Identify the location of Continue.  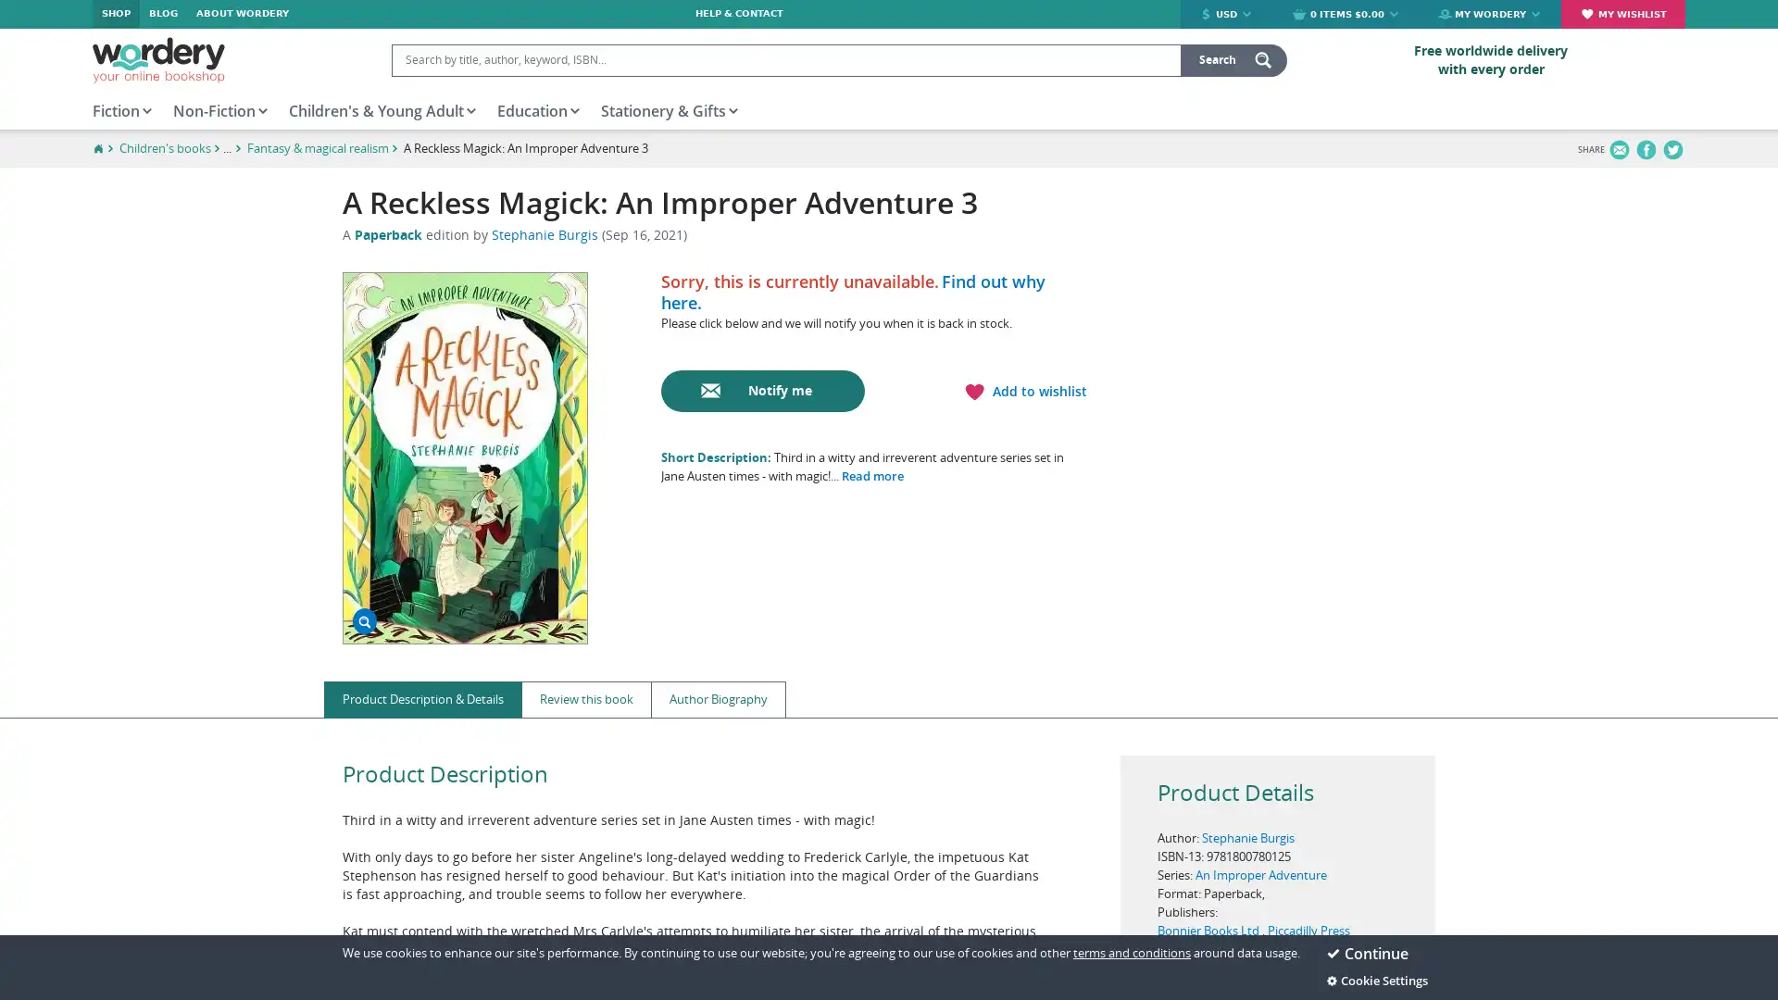
(1381, 953).